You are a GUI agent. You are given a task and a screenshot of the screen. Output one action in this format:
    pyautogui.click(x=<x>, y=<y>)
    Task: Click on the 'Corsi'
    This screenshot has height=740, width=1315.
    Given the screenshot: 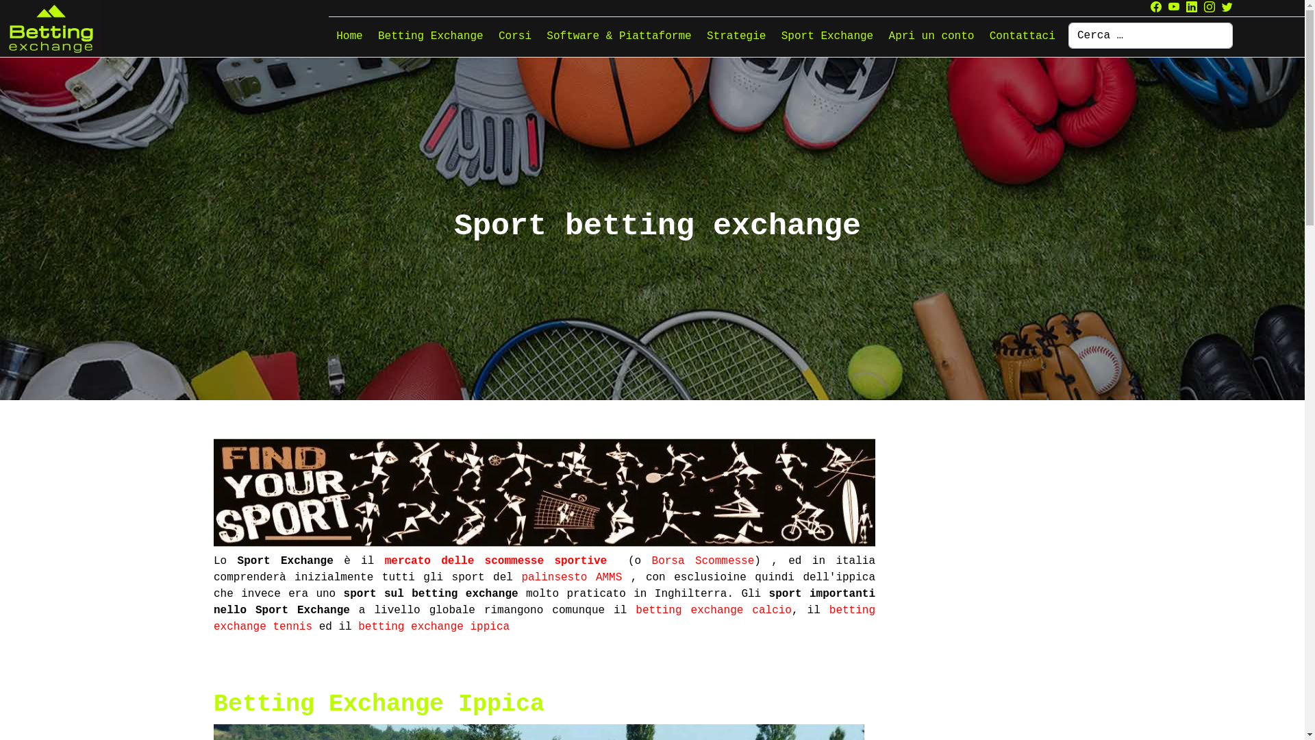 What is the action you would take?
    pyautogui.click(x=514, y=36)
    